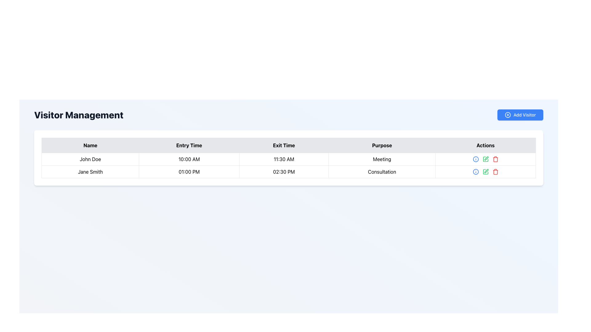 The width and height of the screenshot is (591, 332). I want to click on the text element that displays the exit time '11:30 AM' for 'John Doe' in the 'Exit Time' column, so click(283, 159).